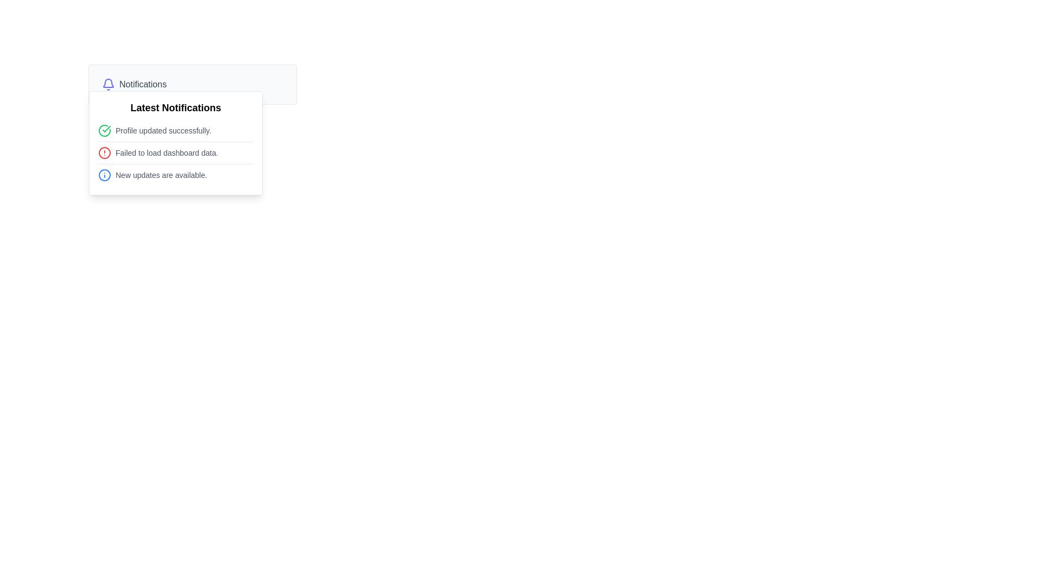 The width and height of the screenshot is (1042, 586). I want to click on the text label displaying 'Failed to load dashboard data.' in the notification pop-up, which is styled with a small gray font and positioned below 'Profile updated successfully', so click(166, 152).